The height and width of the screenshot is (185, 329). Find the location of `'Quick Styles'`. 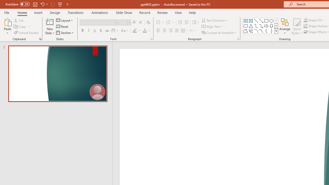

'Quick Styles' is located at coordinates (297, 26).